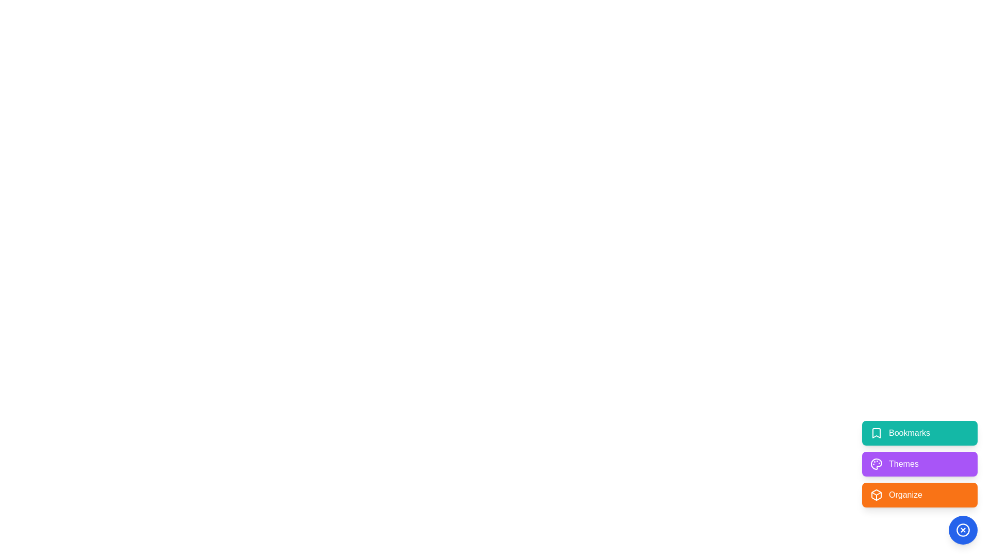 This screenshot has height=557, width=990. What do you see at coordinates (962, 530) in the screenshot?
I see `blue circular button to toggle the visibility of the action buttons` at bounding box center [962, 530].